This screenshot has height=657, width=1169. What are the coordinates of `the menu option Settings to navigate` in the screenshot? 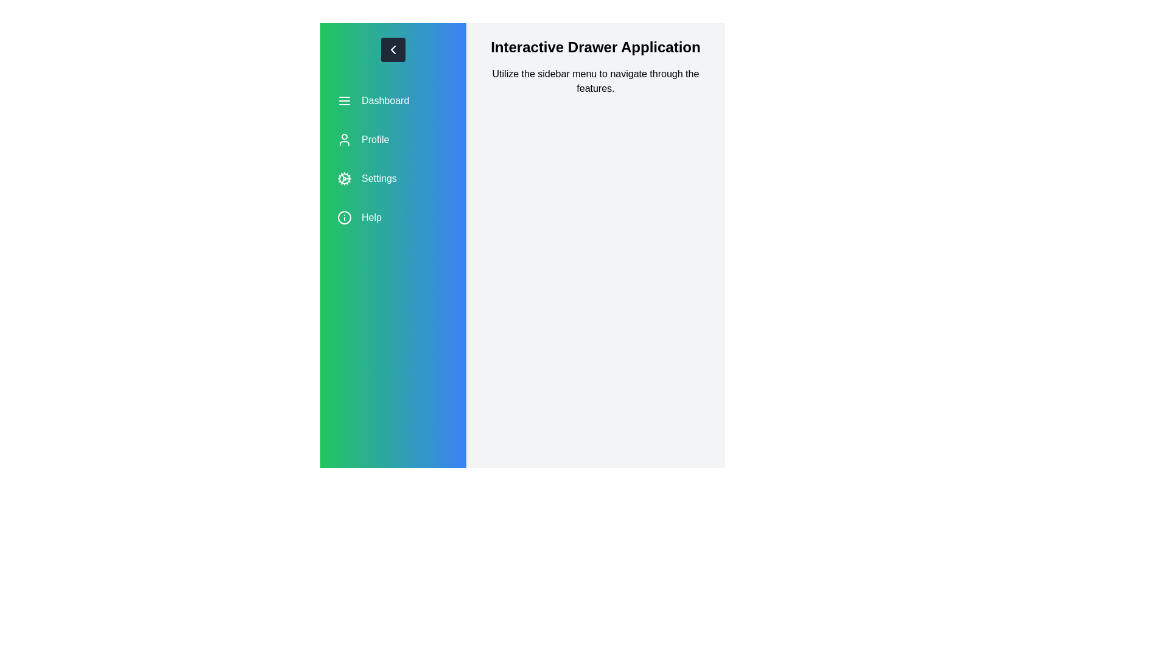 It's located at (393, 178).